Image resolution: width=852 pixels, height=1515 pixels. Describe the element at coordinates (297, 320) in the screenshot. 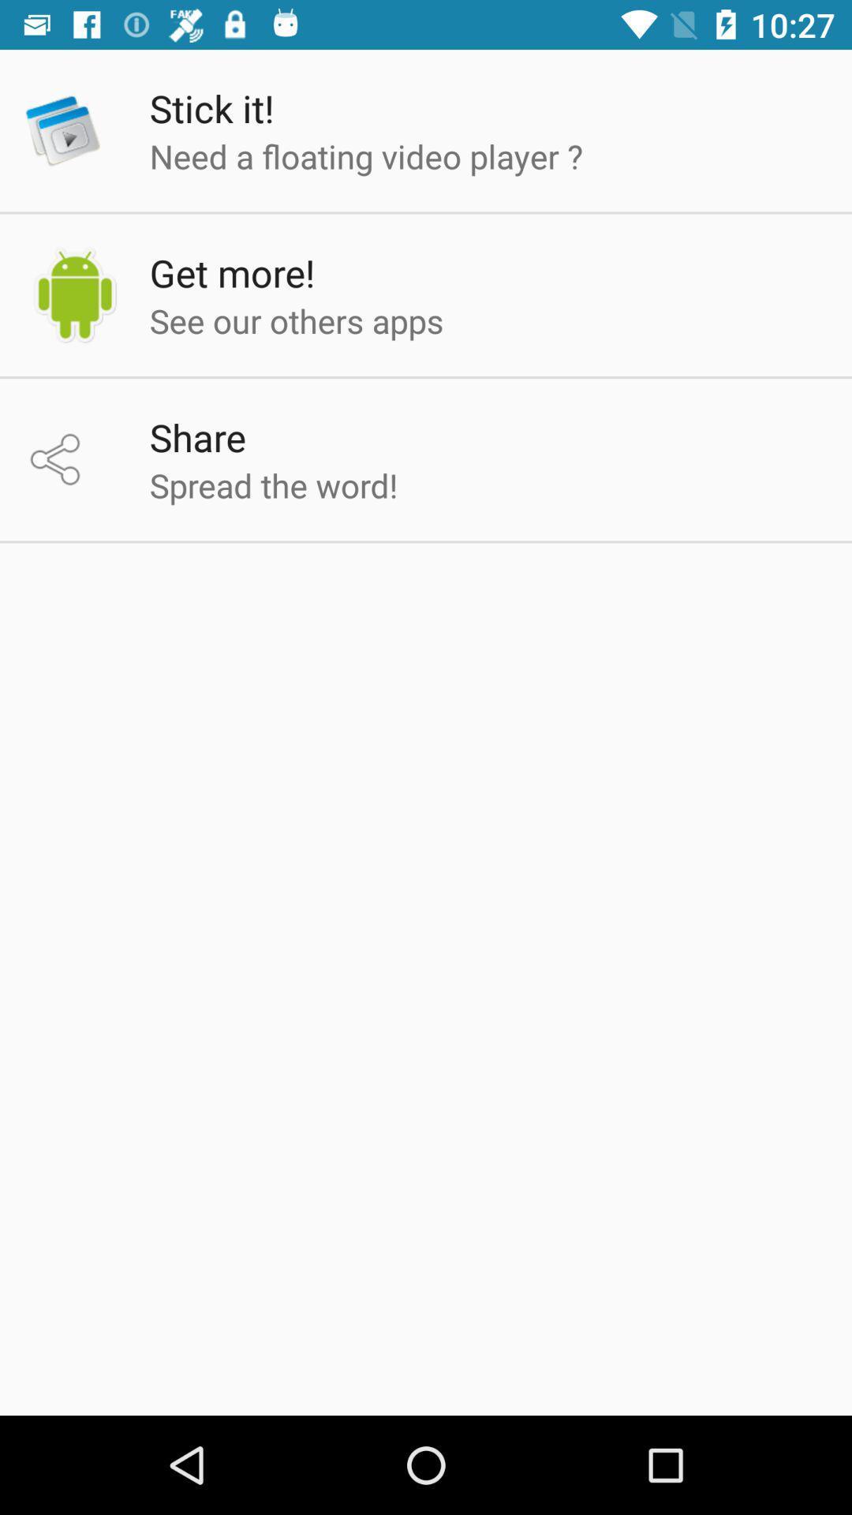

I see `the item below the get more! app` at that location.